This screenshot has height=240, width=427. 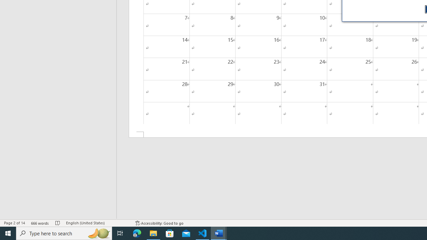 What do you see at coordinates (153, 233) in the screenshot?
I see `'File Explorer - 1 running window'` at bounding box center [153, 233].